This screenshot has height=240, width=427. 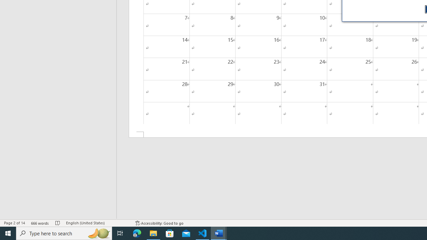 What do you see at coordinates (153, 233) in the screenshot?
I see `'File Explorer - 1 running window'` at bounding box center [153, 233].